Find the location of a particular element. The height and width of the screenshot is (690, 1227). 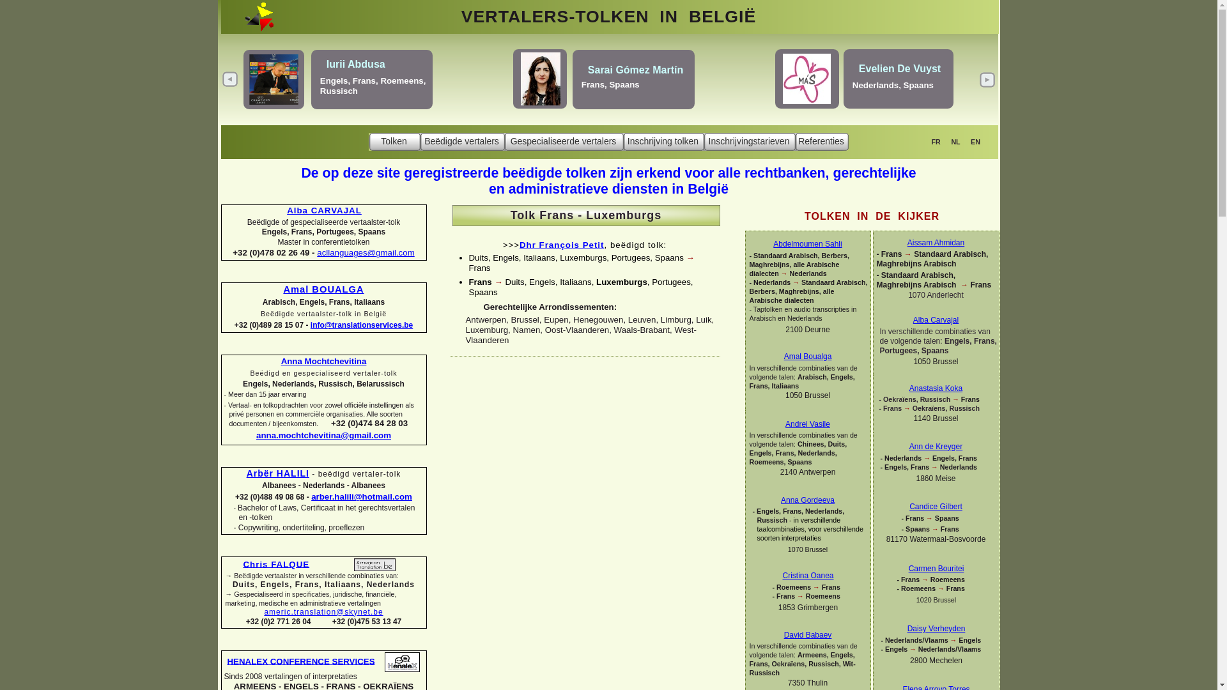

'info@translationservices.be' is located at coordinates (361, 325).